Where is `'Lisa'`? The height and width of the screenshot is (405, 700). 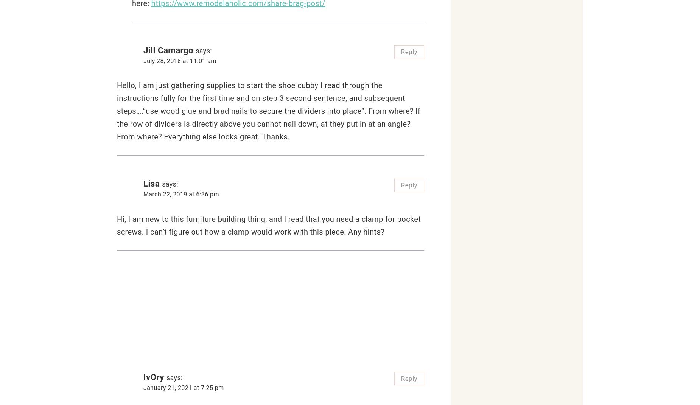
'Lisa' is located at coordinates (151, 184).